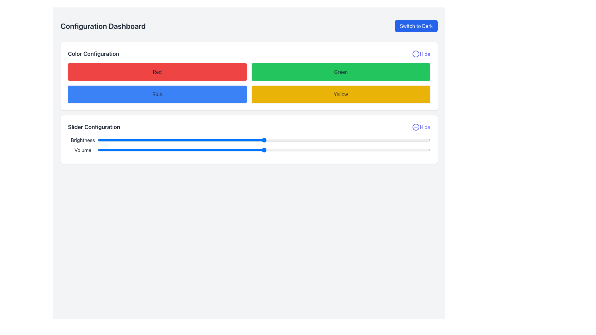  Describe the element at coordinates (416, 53) in the screenshot. I see `the 'Hide' icon located in the top-right corner of the 'Color Configuration' section, which is positioned to the left of the 'Hide' text` at that location.